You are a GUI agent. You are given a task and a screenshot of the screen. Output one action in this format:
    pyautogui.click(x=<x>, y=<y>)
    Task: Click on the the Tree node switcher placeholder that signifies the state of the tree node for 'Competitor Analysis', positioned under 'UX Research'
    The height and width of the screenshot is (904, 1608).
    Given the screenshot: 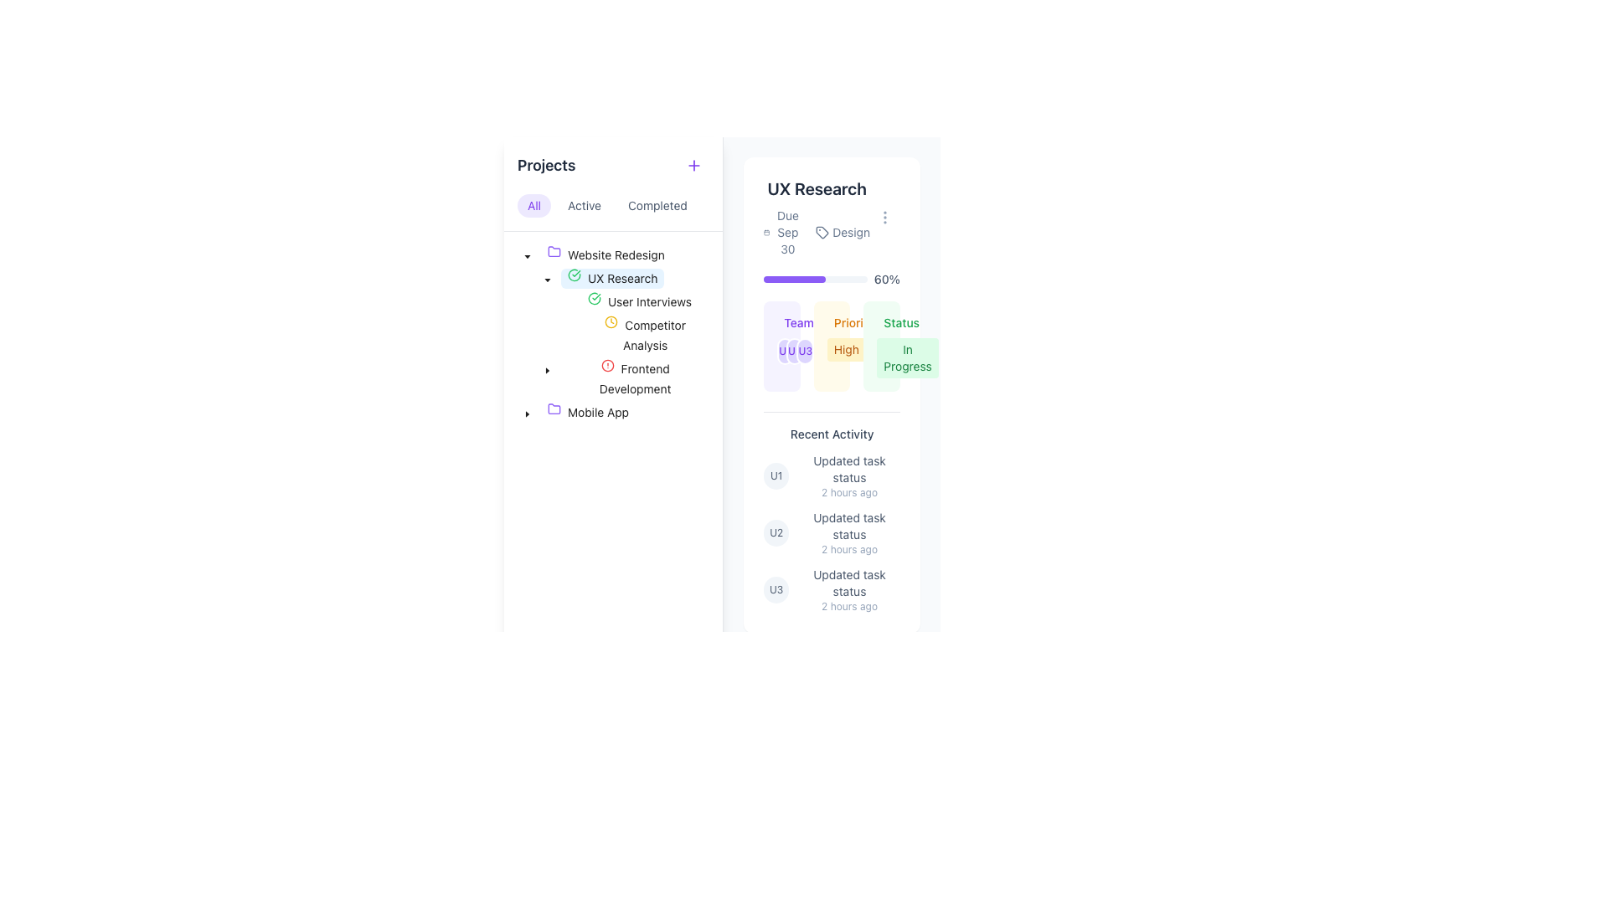 What is the action you would take?
    pyautogui.click(x=567, y=336)
    